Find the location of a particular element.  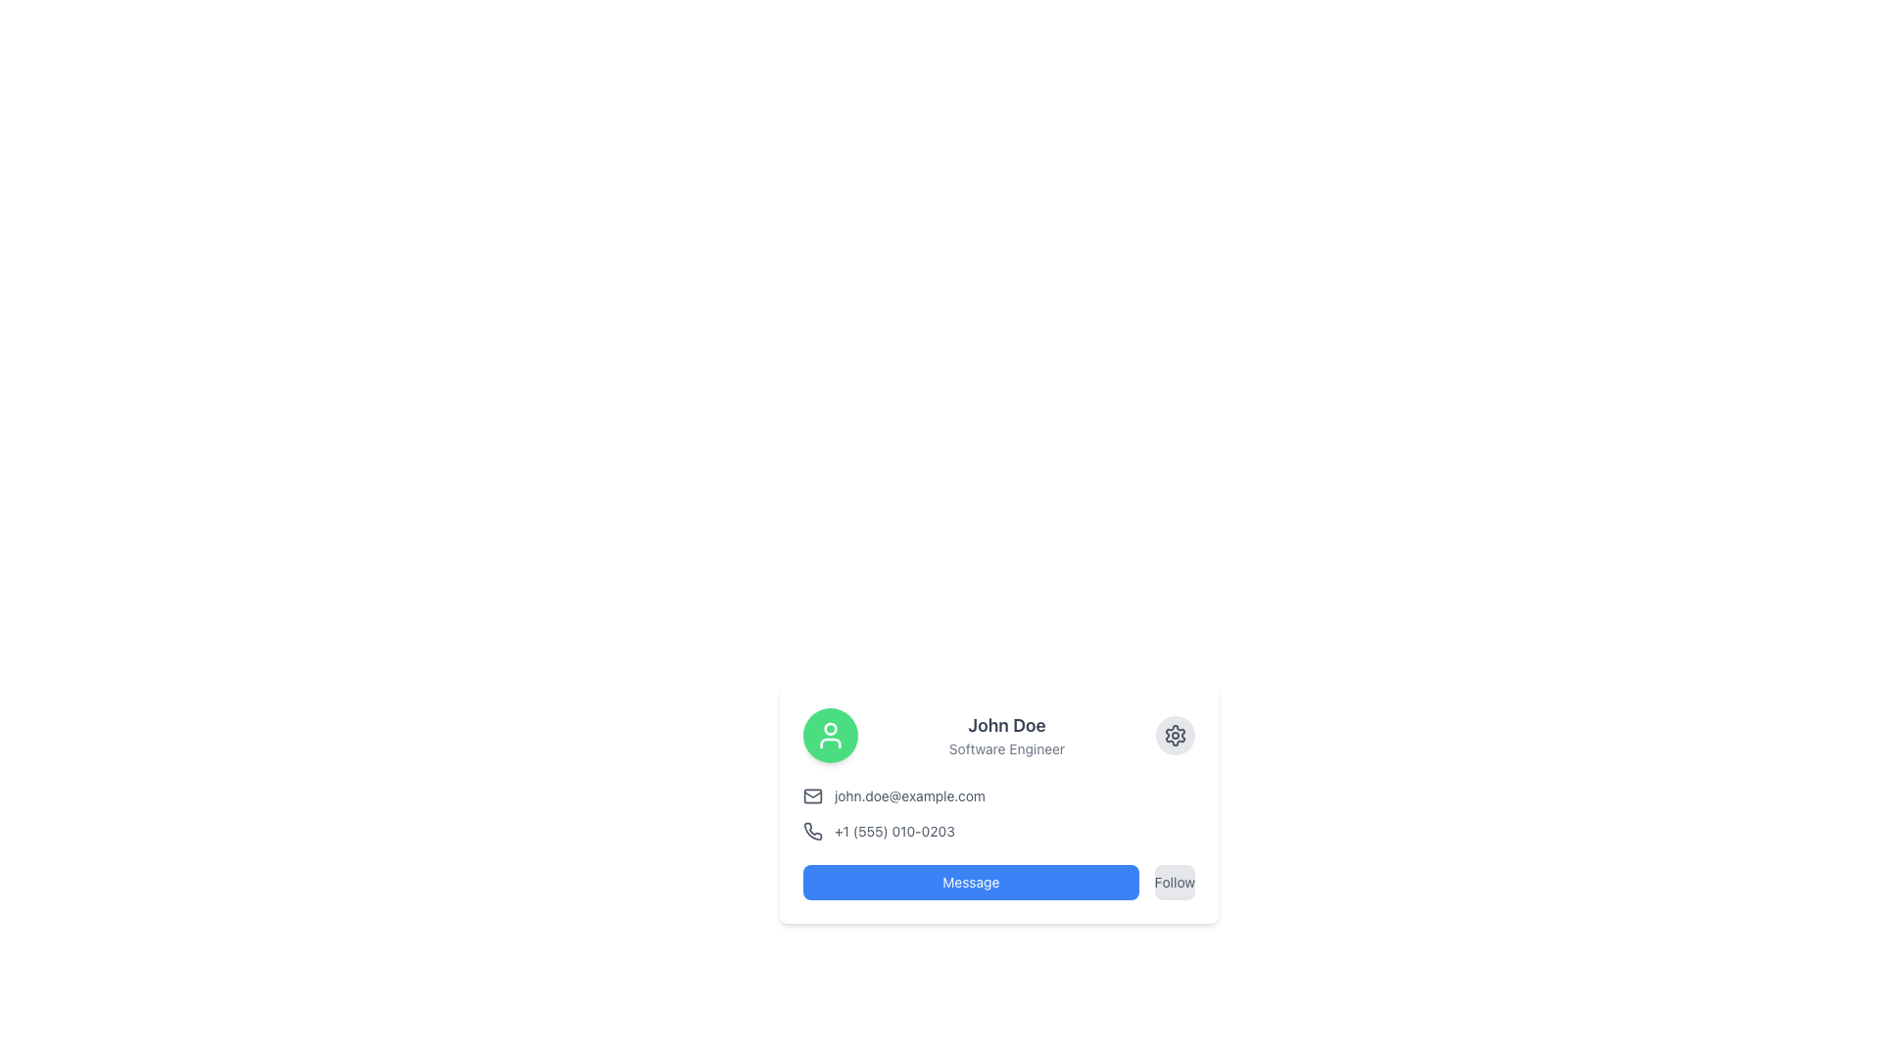

the contact information block for user John Doe, which includes an email address and a phone number, centrally located in the card layout is located at coordinates (998, 813).